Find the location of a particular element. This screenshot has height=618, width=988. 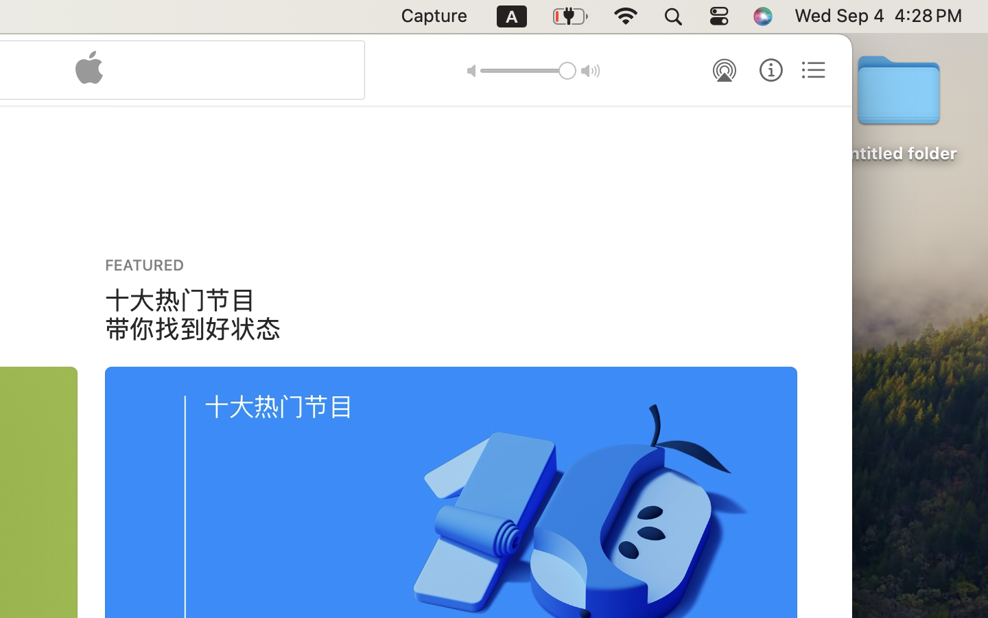

'1.0' is located at coordinates (527, 69).